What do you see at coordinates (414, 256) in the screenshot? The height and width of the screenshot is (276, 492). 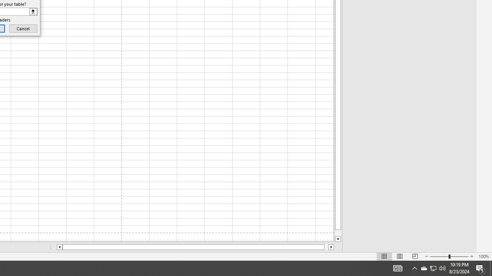 I see `'Page Break Preview'` at bounding box center [414, 256].